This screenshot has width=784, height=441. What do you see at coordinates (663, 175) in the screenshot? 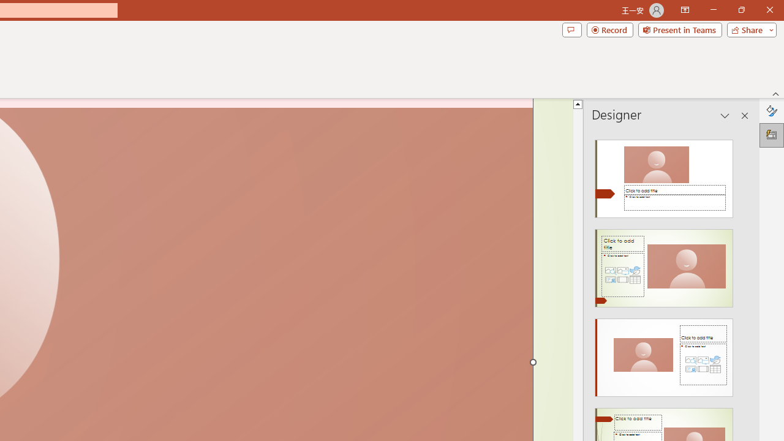
I see `'Recommended Design: Design Idea'` at bounding box center [663, 175].